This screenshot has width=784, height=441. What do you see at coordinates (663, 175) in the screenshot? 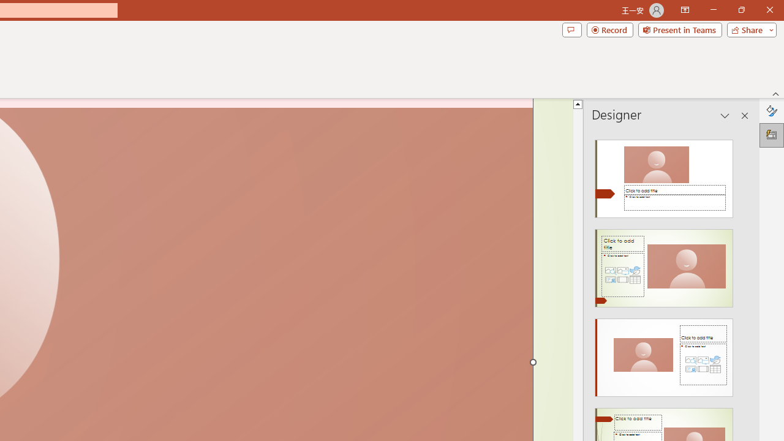
I see `'Recommended Design: Design Idea'` at bounding box center [663, 175].